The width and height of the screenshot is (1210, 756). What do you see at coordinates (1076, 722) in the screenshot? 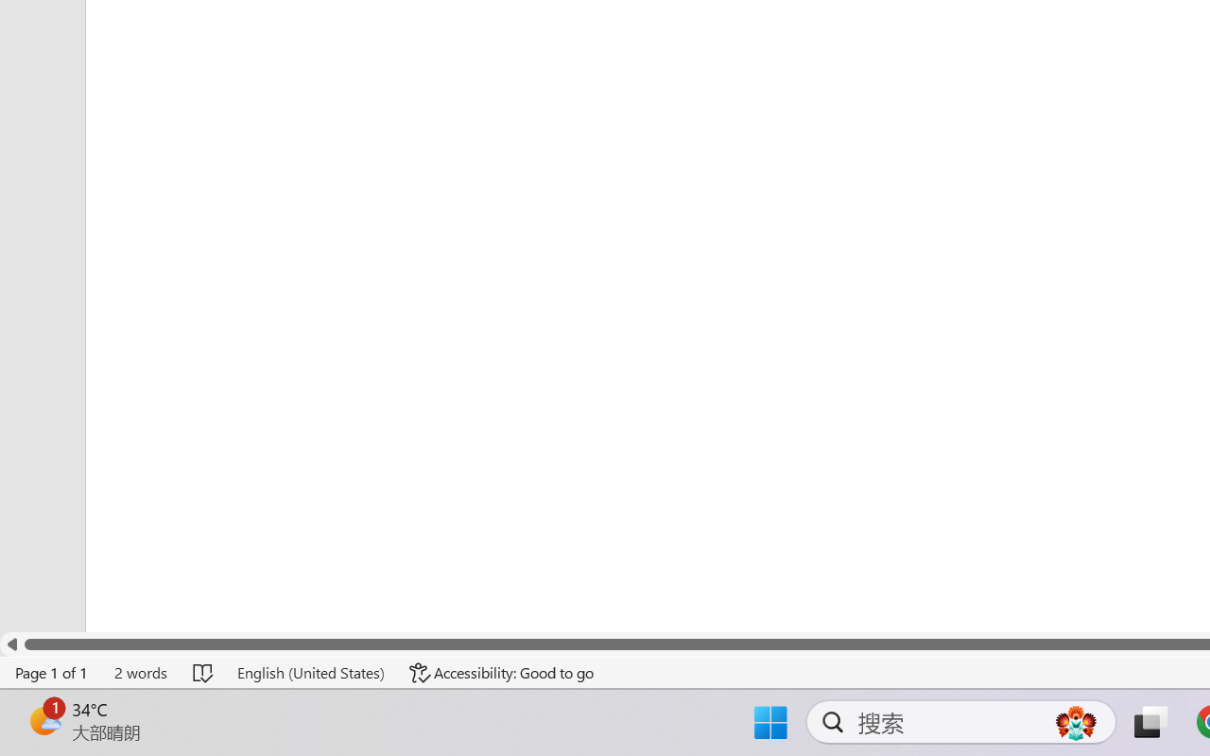
I see `'AutomationID: DynamicSearchBoxGleamImage'` at bounding box center [1076, 722].